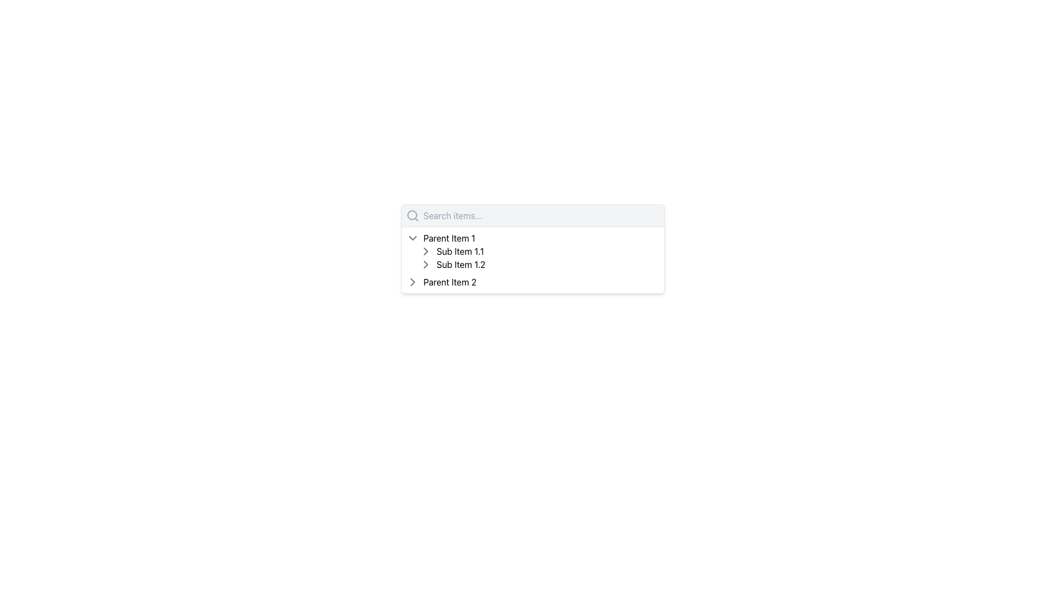 The image size is (1054, 593). What do you see at coordinates (539, 265) in the screenshot?
I see `the List Item displaying 'Sub Item 1.2'` at bounding box center [539, 265].